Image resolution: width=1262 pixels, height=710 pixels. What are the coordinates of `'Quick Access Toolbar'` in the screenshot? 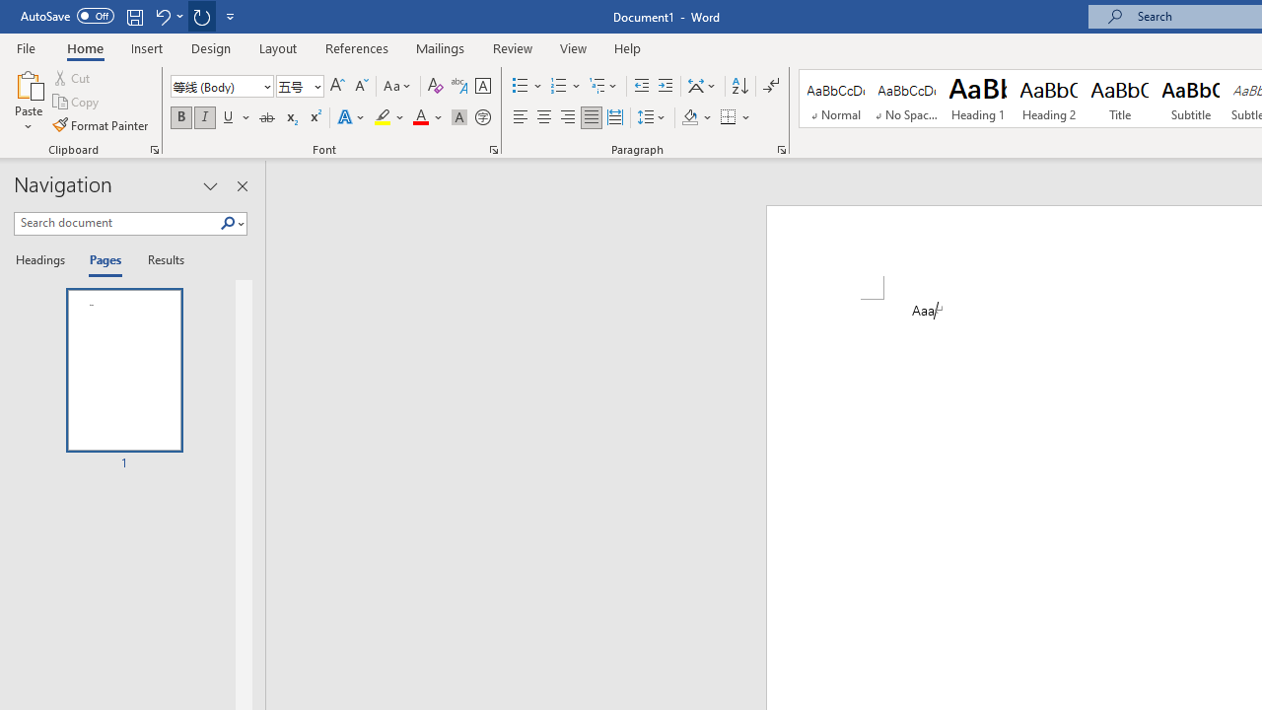 It's located at (128, 16).